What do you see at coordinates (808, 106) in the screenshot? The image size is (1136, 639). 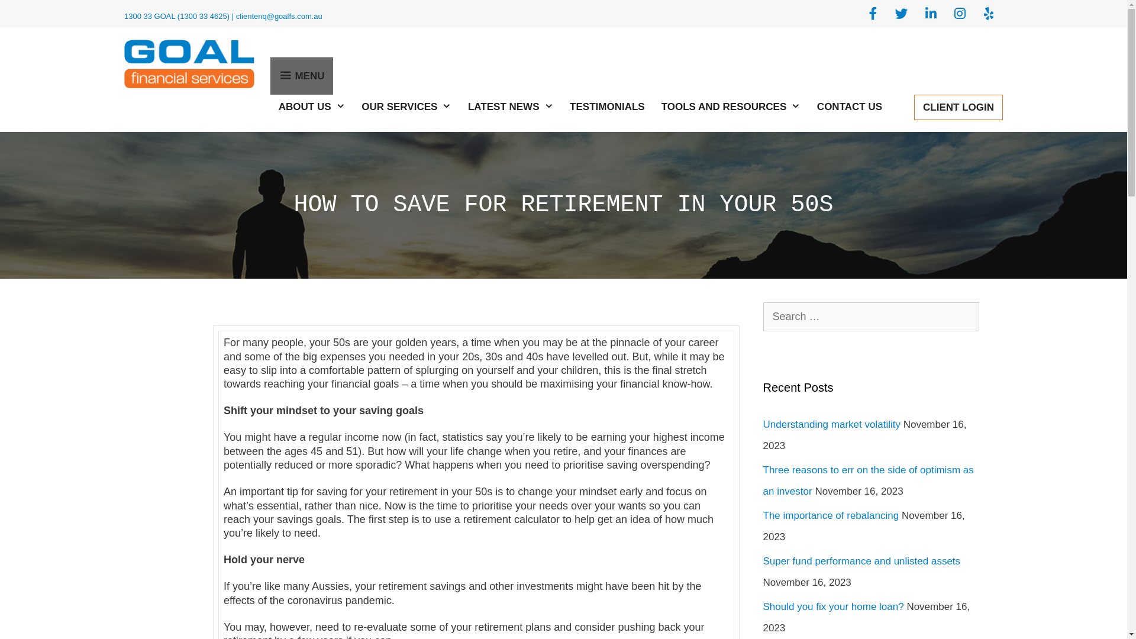 I see `'CONTACT US'` at bounding box center [808, 106].